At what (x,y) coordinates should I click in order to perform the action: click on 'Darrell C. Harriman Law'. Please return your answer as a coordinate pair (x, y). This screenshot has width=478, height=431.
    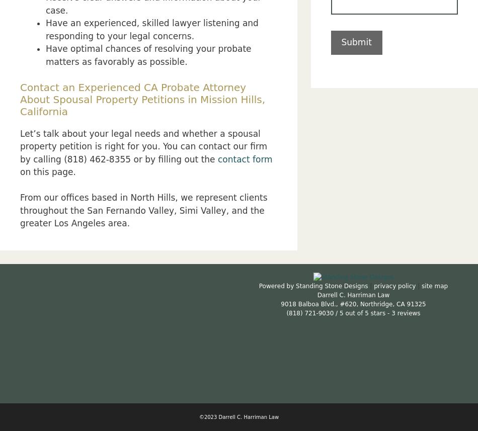
    Looking at the image, I should click on (353, 294).